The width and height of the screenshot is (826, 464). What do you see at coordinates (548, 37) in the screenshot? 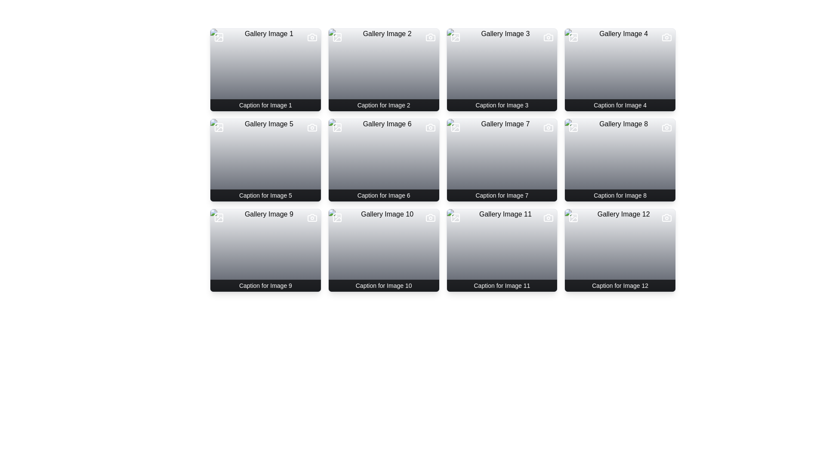
I see `the camera icon located at the top-right corner of the card titled 'Gallery Image 3' with the caption 'Caption for Image 3' for interaction` at bounding box center [548, 37].